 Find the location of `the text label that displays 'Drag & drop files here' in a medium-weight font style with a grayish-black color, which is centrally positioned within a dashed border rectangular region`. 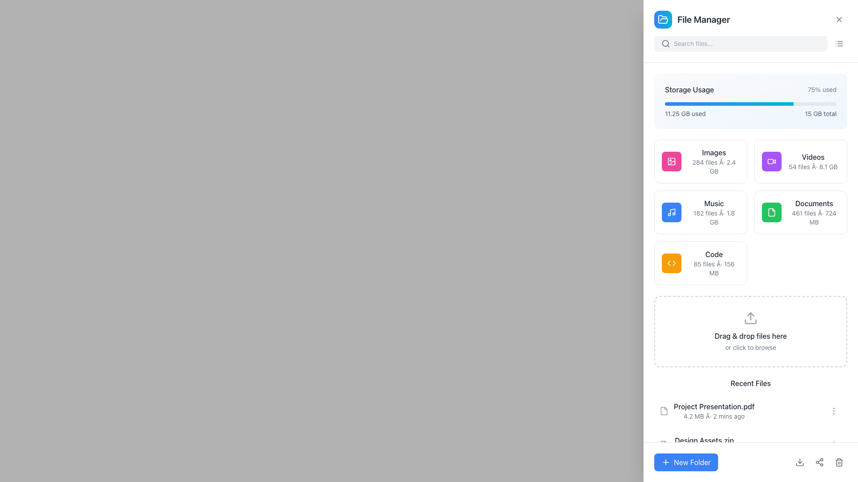

the text label that displays 'Drag & drop files here' in a medium-weight font style with a grayish-black color, which is centrally positioned within a dashed border rectangular region is located at coordinates (751, 336).